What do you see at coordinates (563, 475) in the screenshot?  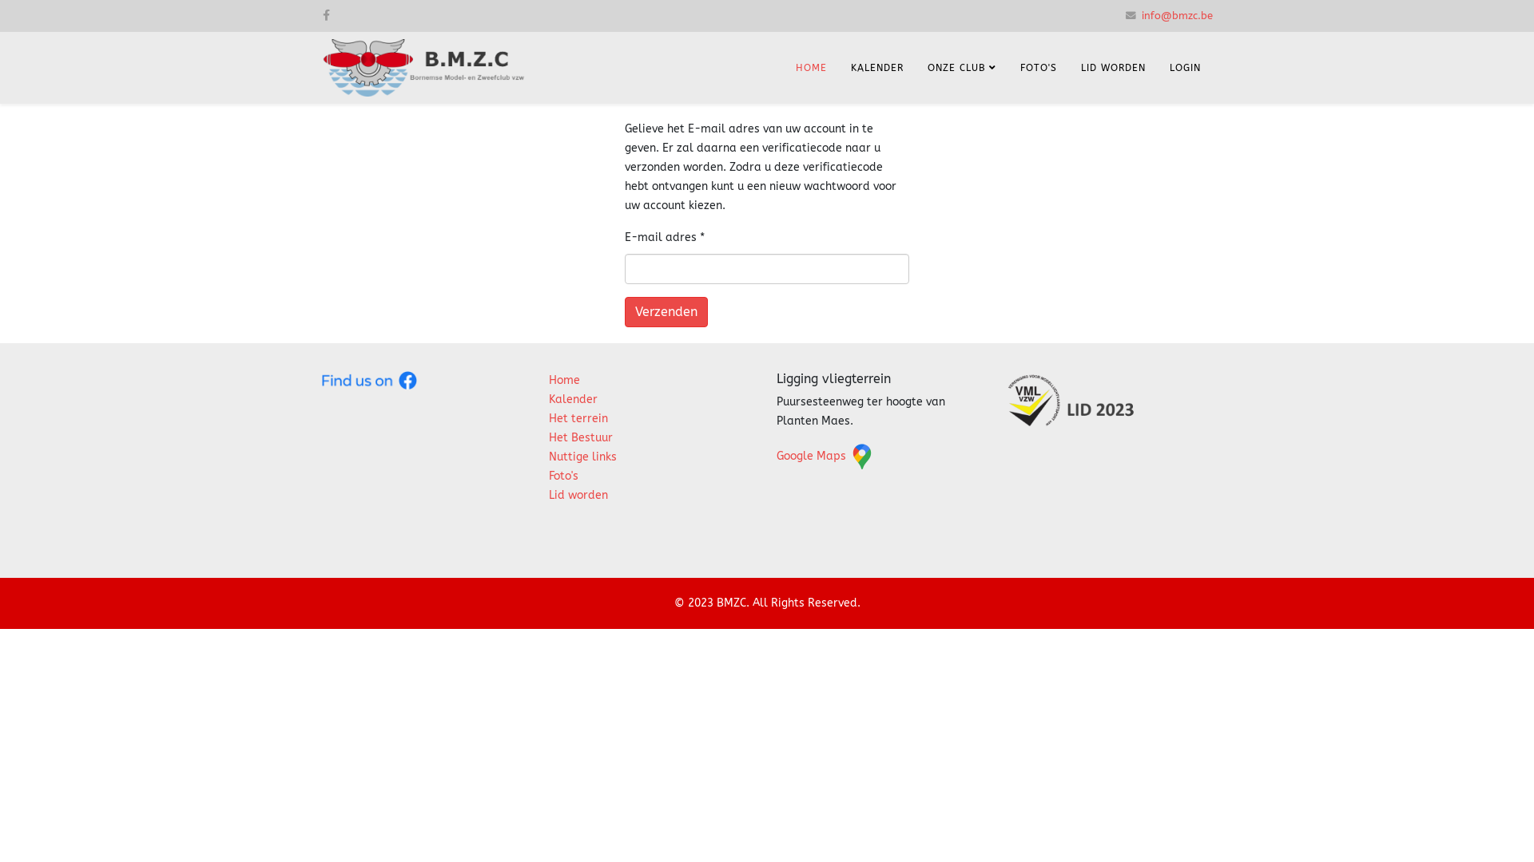 I see `'Foto's'` at bounding box center [563, 475].